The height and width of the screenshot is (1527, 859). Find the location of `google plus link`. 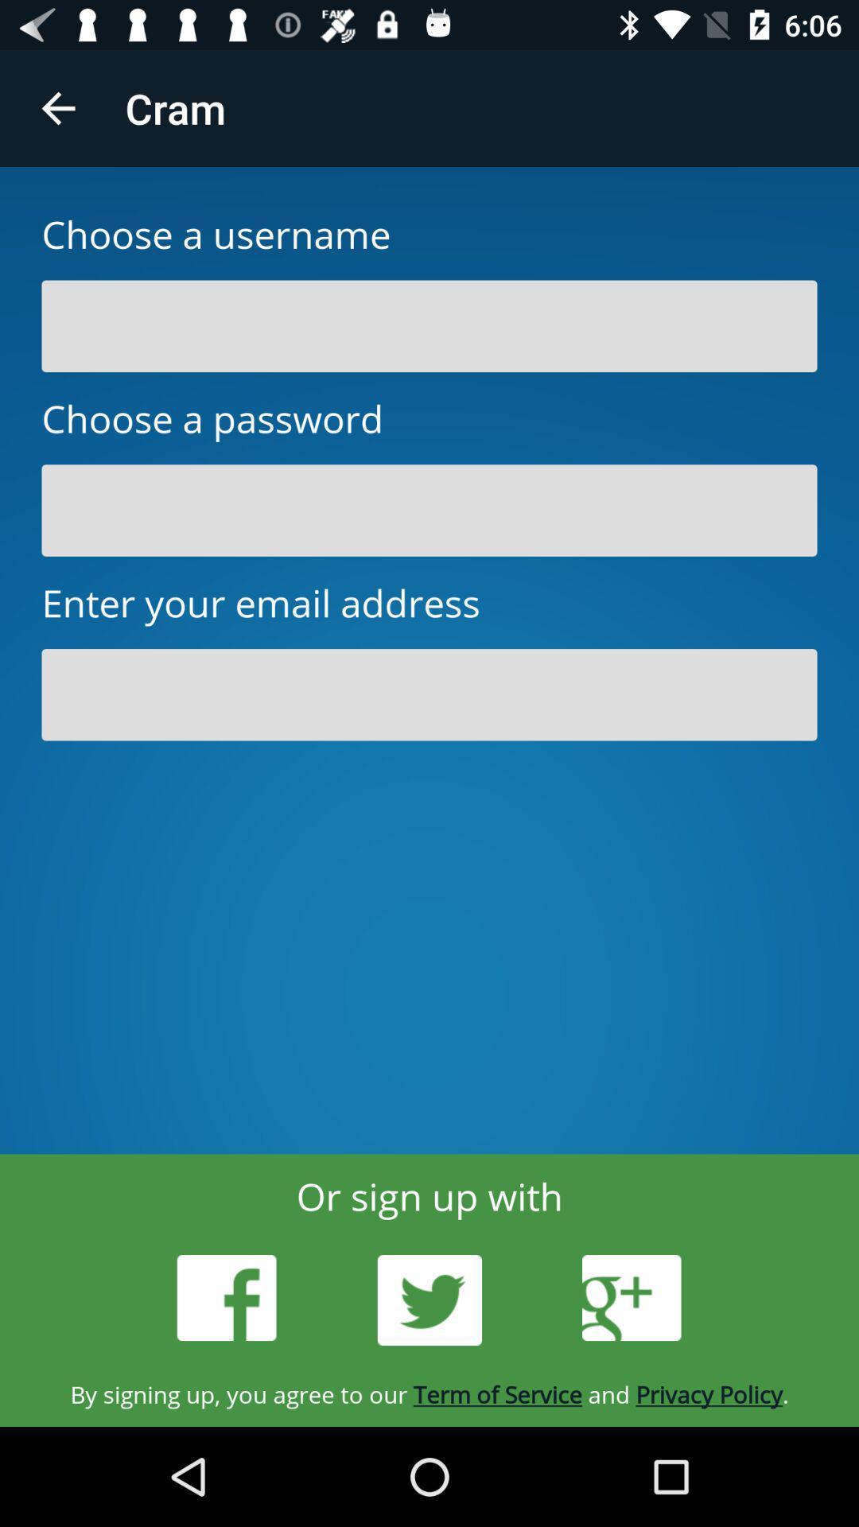

google plus link is located at coordinates (631, 1298).